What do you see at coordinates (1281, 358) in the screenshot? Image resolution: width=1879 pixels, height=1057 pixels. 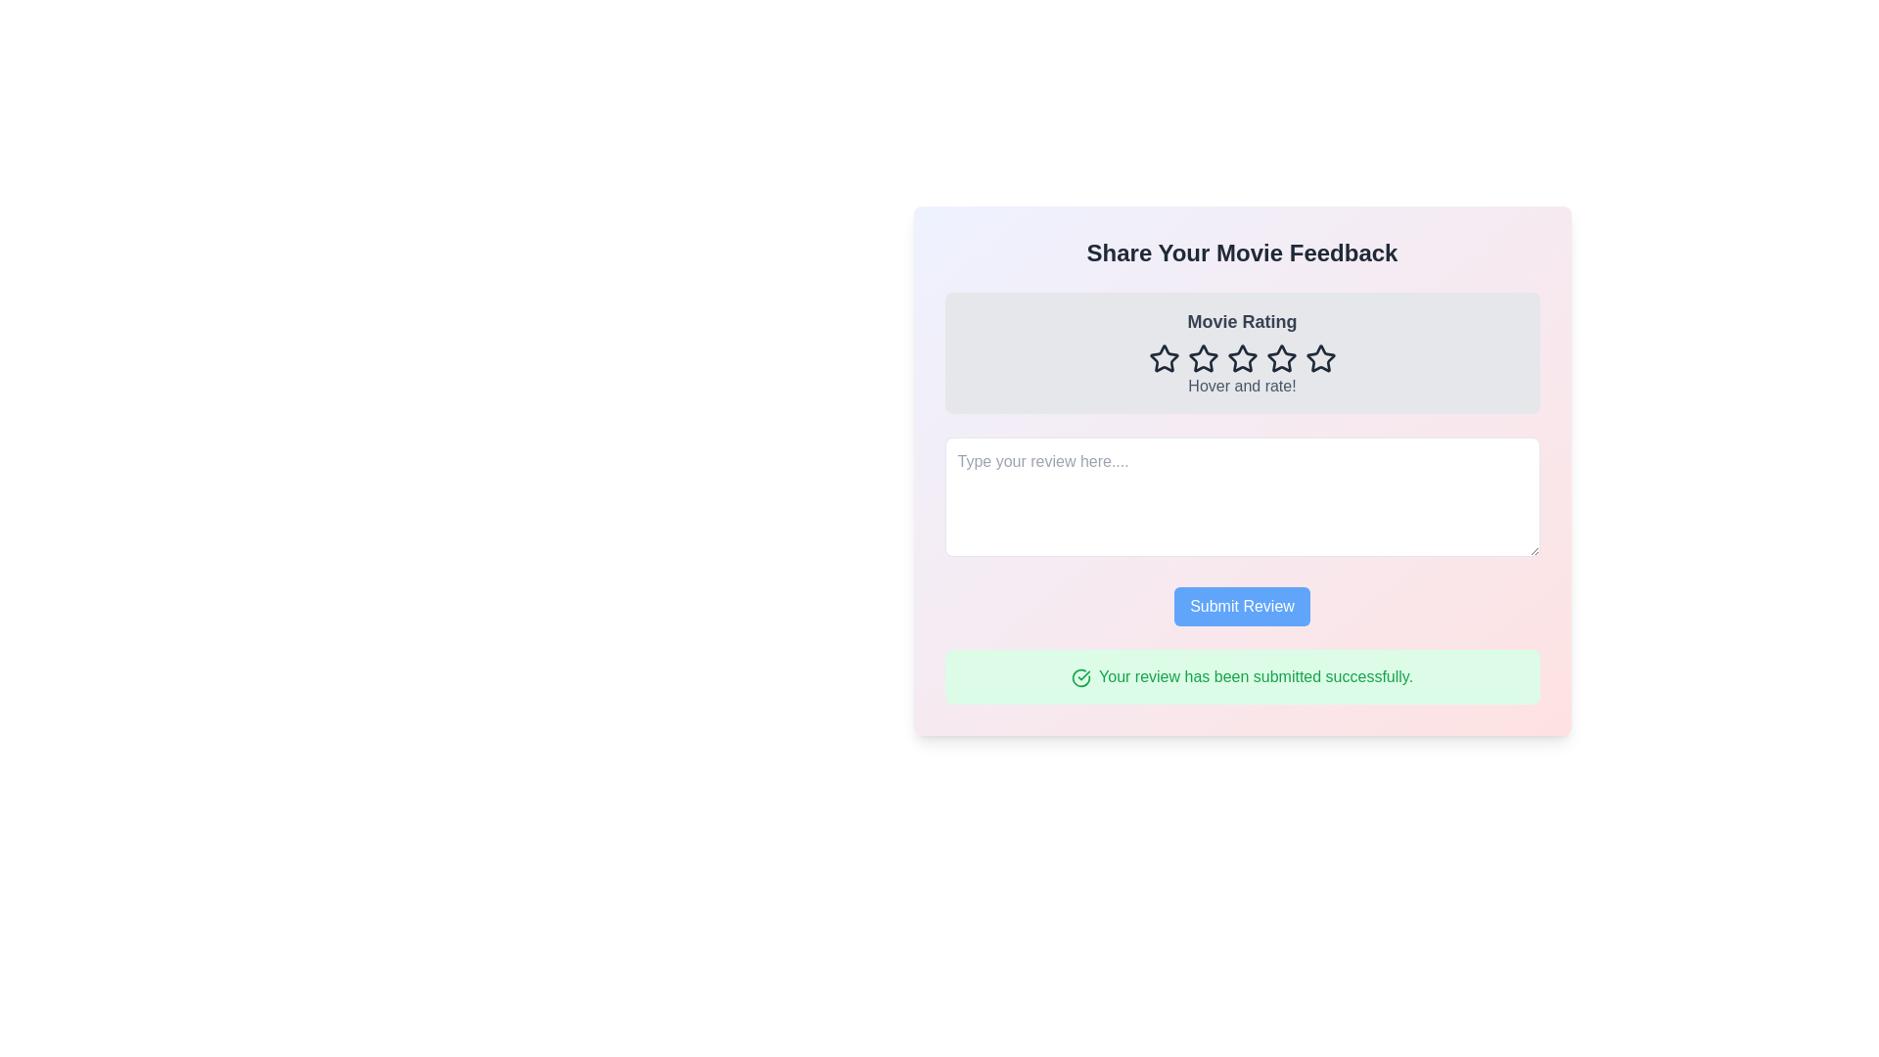 I see `the fourth star icon in the series of five star-shaped icons within the 'Movie Rating' section` at bounding box center [1281, 358].